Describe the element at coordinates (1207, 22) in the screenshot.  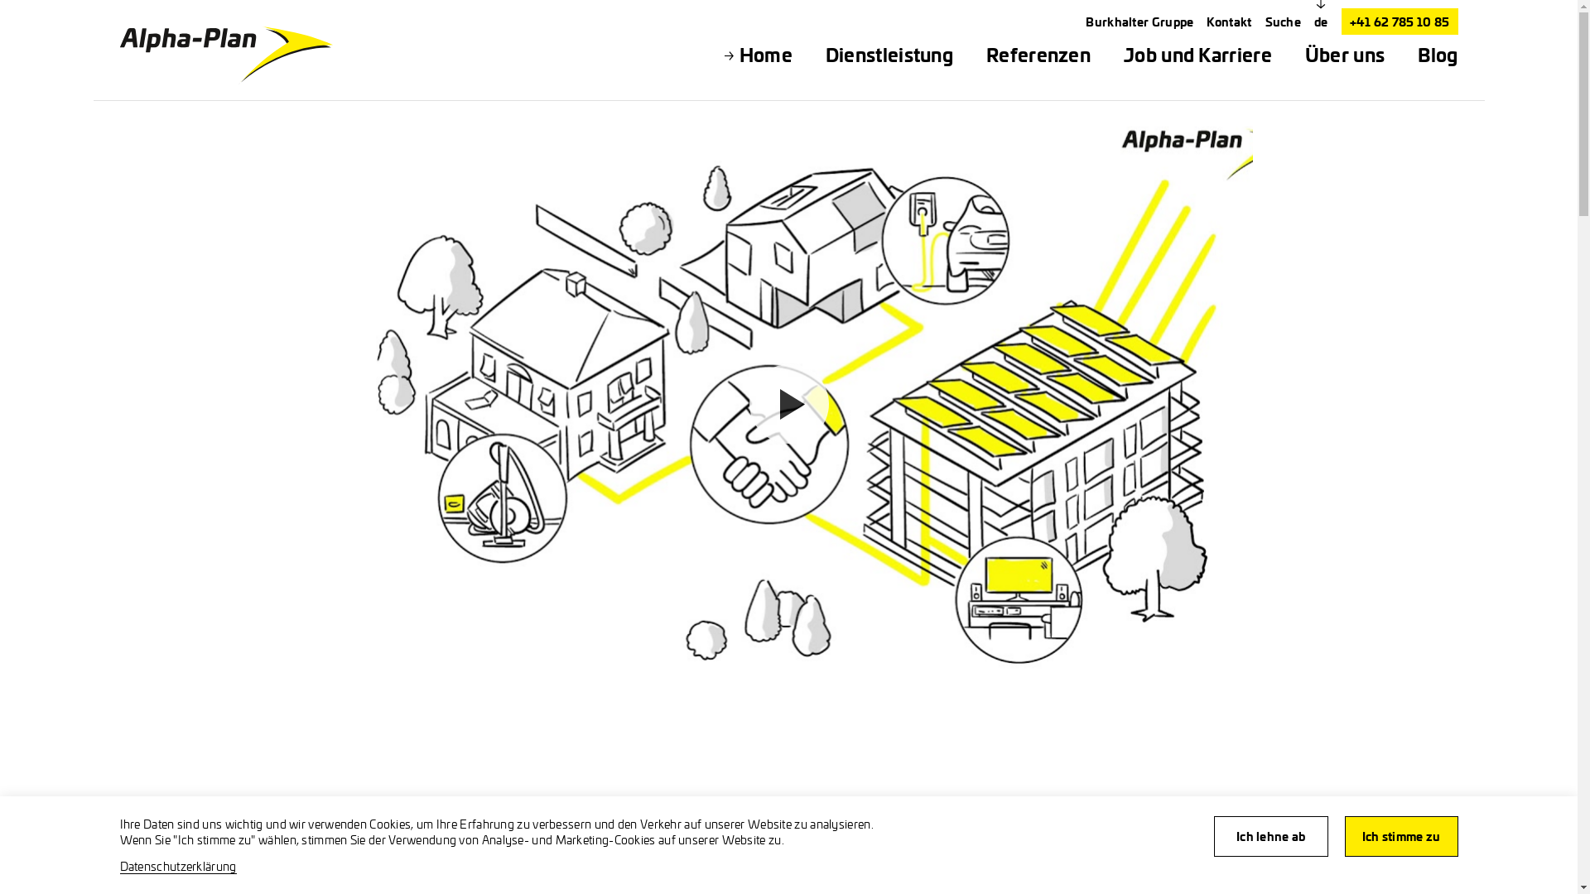
I see `'Kontakt'` at that location.